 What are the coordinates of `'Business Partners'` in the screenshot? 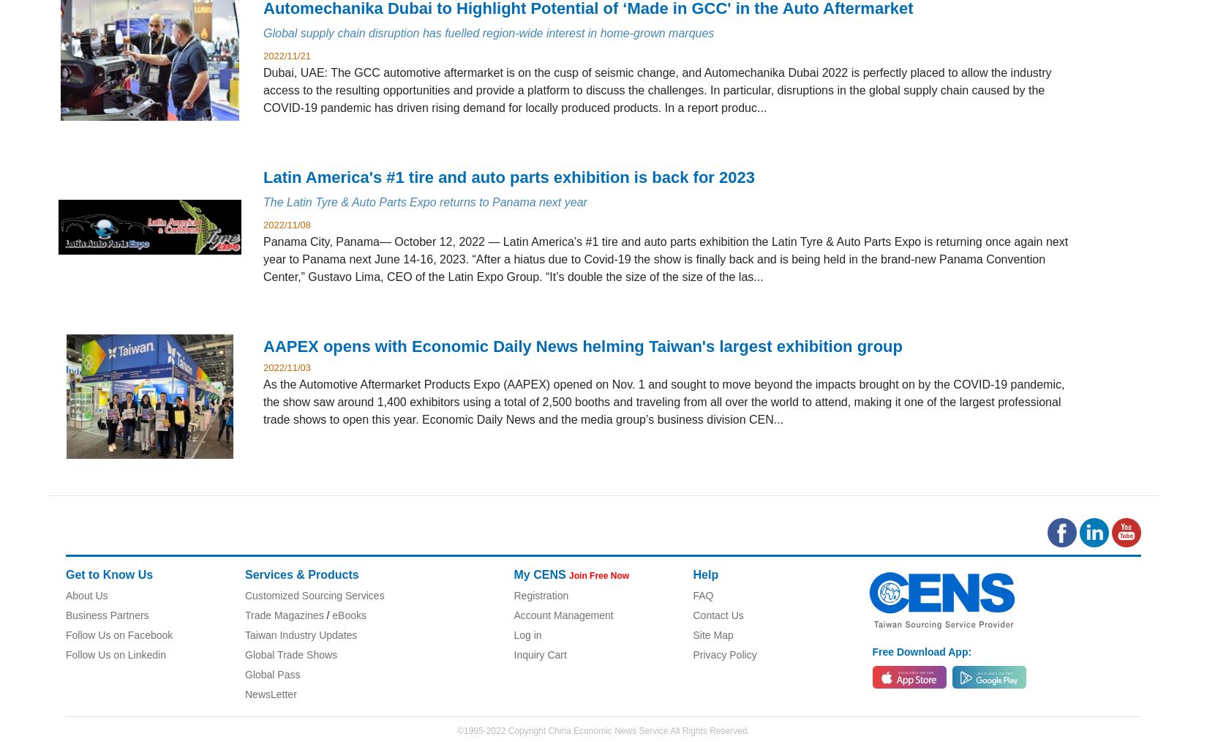 It's located at (107, 614).